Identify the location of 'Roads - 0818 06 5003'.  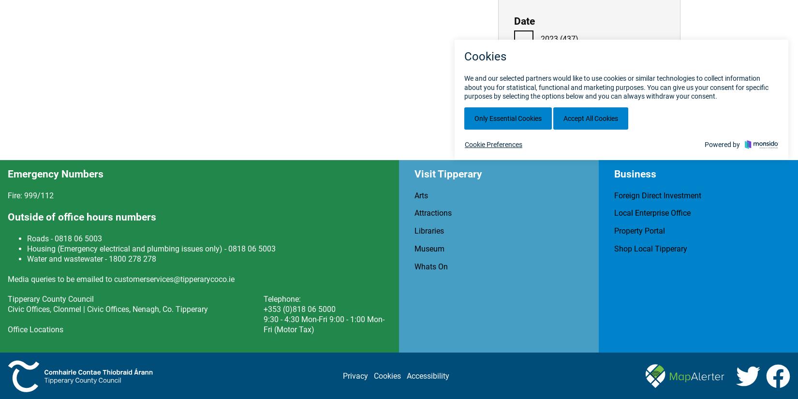
(64, 238).